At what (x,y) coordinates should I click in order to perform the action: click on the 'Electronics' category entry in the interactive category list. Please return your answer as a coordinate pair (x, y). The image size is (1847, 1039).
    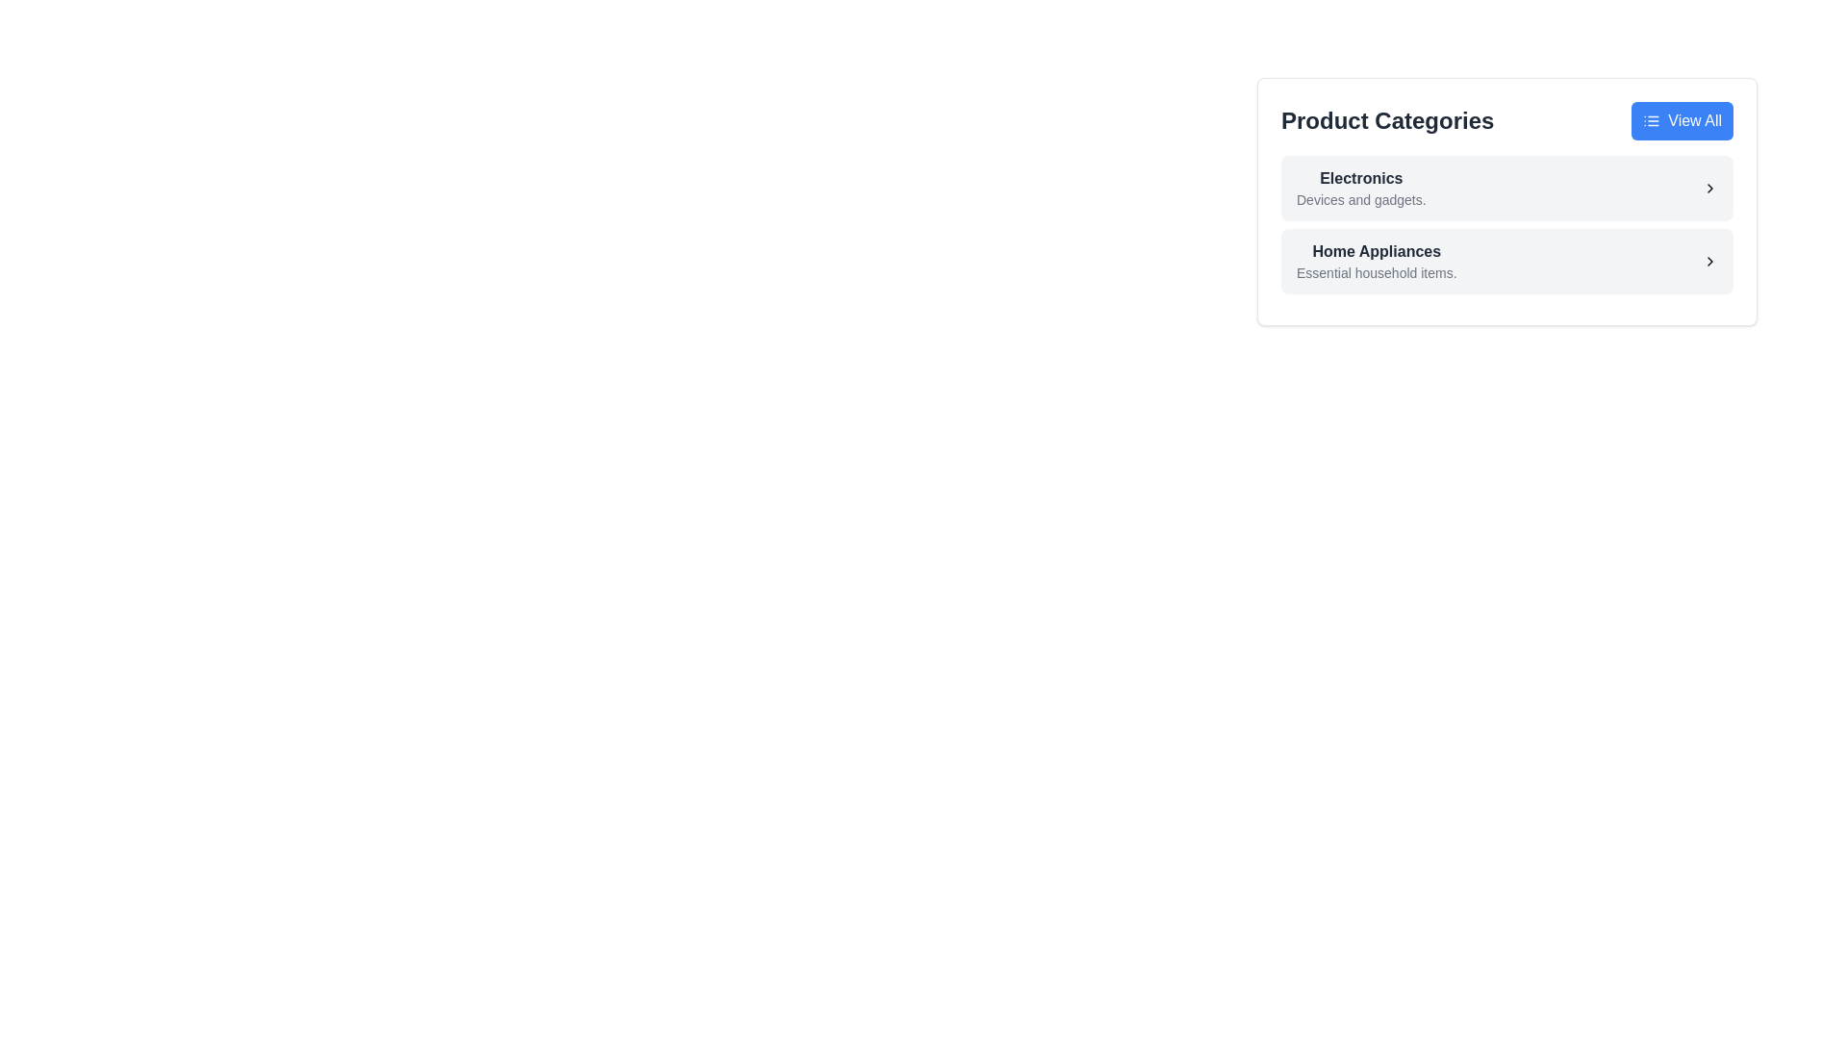
    Looking at the image, I should click on (1505, 201).